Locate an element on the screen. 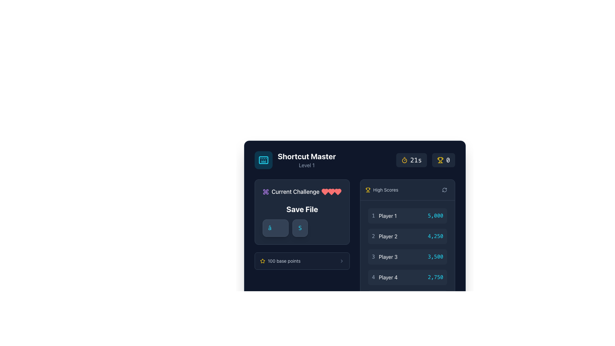  the third heart-shaped icon, which is filled with a vibrant coral red color and has a glowing effect, located beside the text 'Current Challenge' in the left panel is located at coordinates (332, 191).